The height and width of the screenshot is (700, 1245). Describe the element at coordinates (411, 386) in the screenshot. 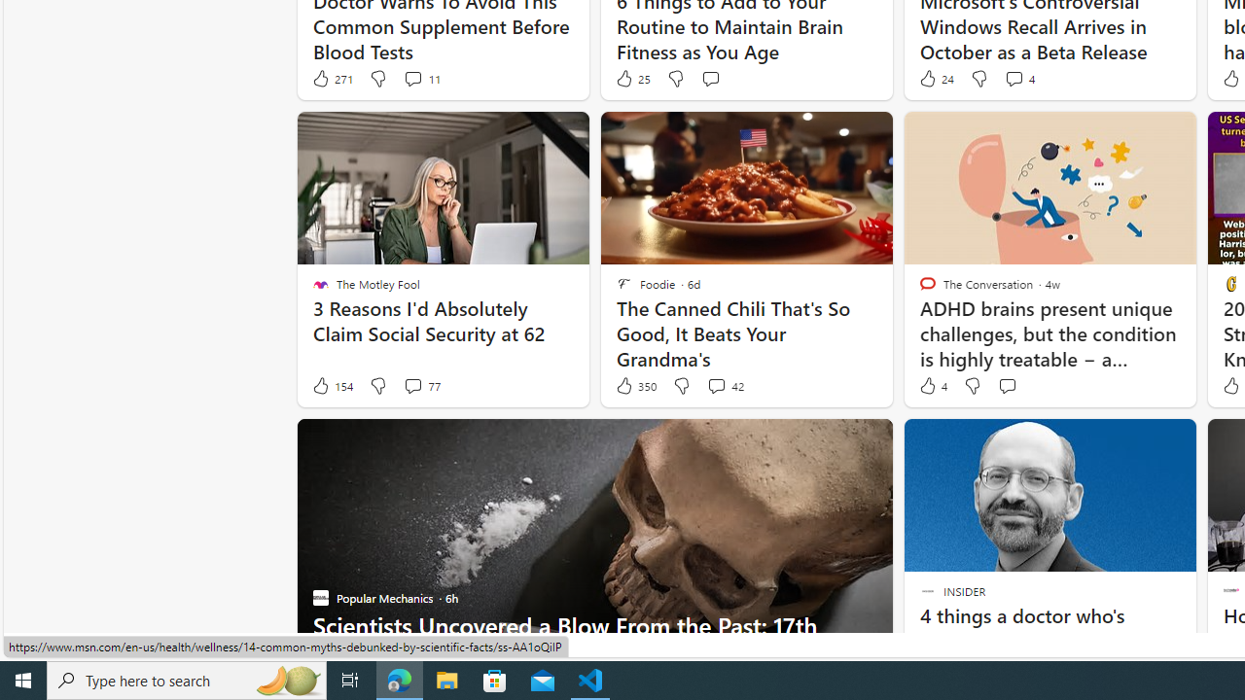

I see `'View comments 77 Comment'` at that location.